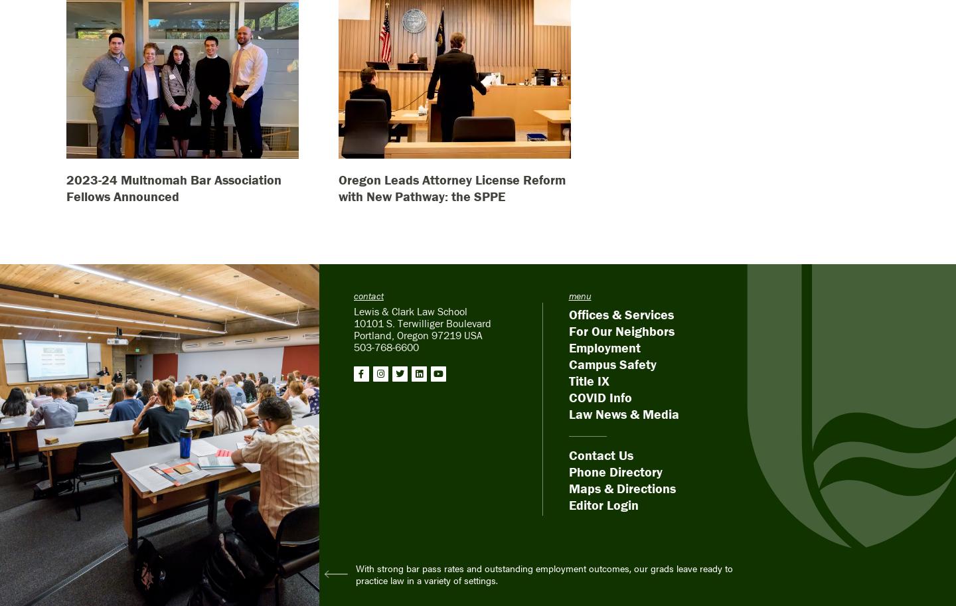  I want to click on 'Oregon Leads Attorney License Reform with New Pathway: the SPPE', so click(451, 187).